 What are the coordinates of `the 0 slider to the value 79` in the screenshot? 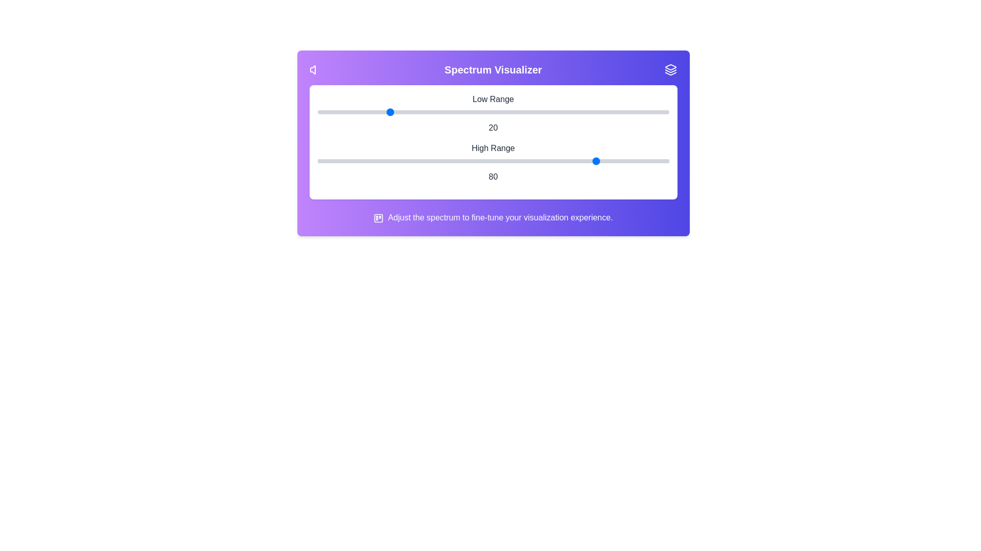 It's located at (595, 112).